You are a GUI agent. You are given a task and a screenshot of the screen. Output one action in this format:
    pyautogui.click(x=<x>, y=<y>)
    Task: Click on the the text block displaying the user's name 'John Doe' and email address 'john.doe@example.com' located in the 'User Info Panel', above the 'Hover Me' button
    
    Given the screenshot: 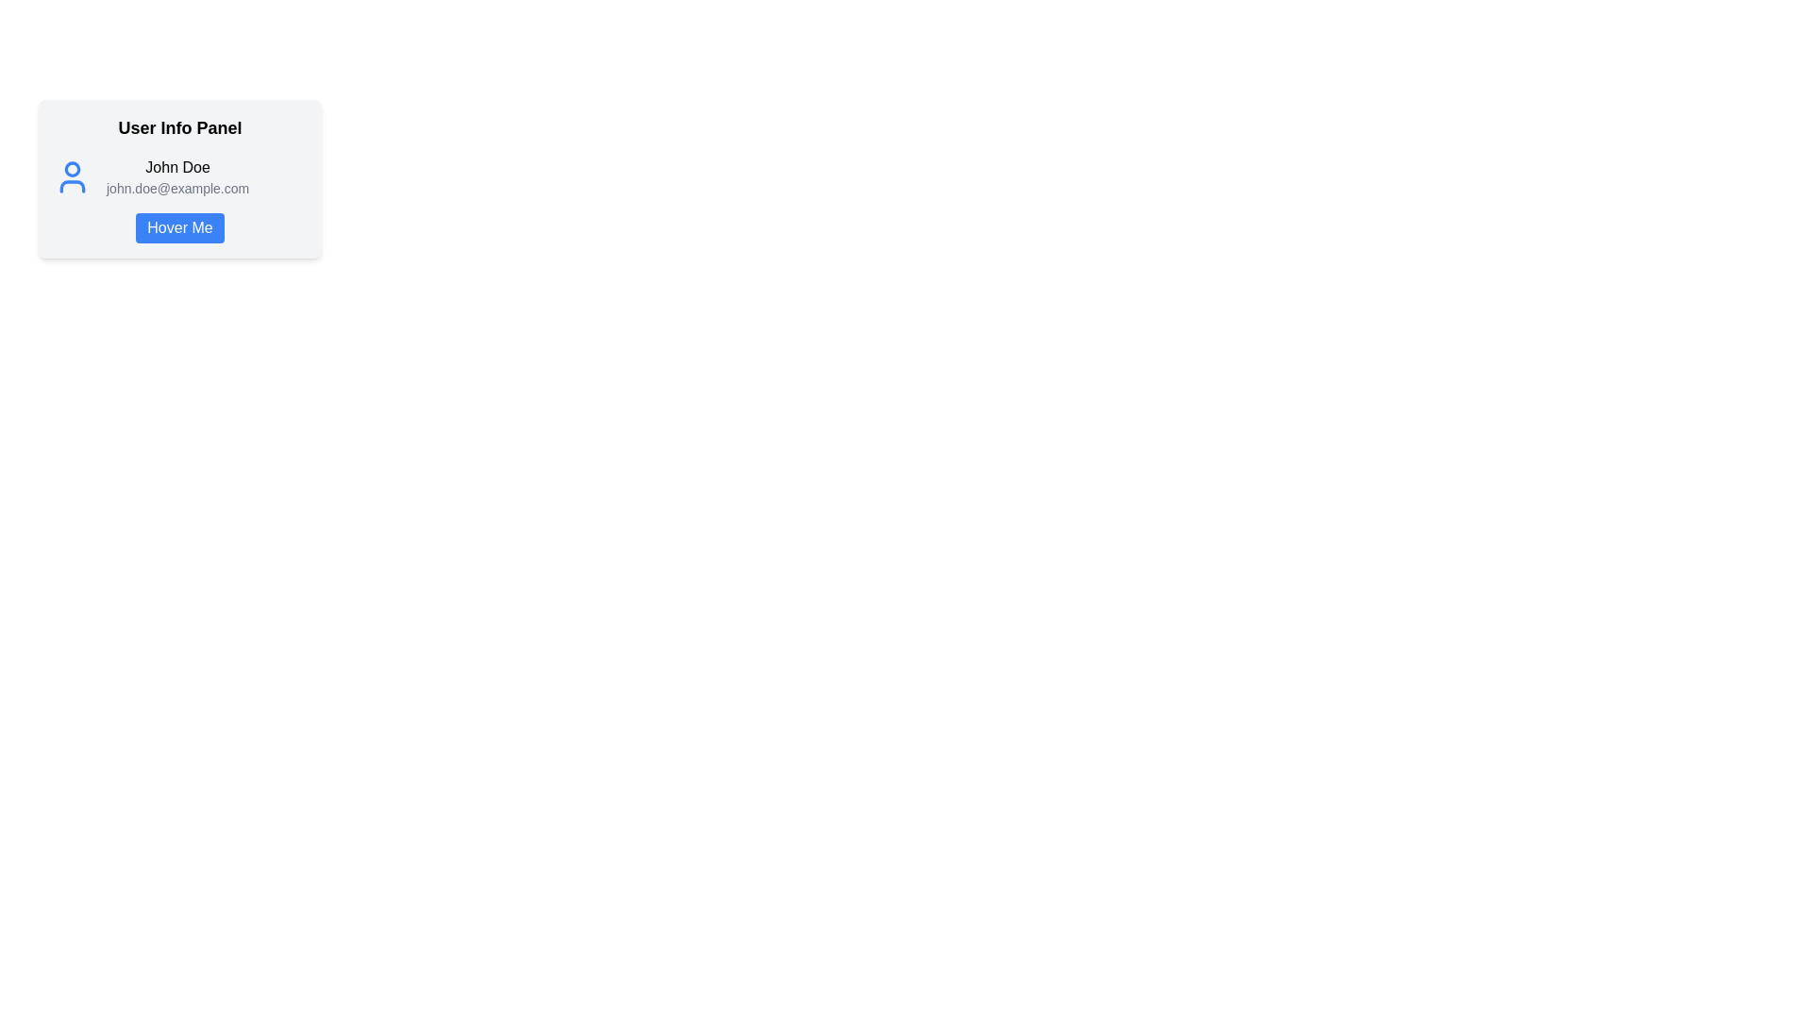 What is the action you would take?
    pyautogui.click(x=177, y=177)
    